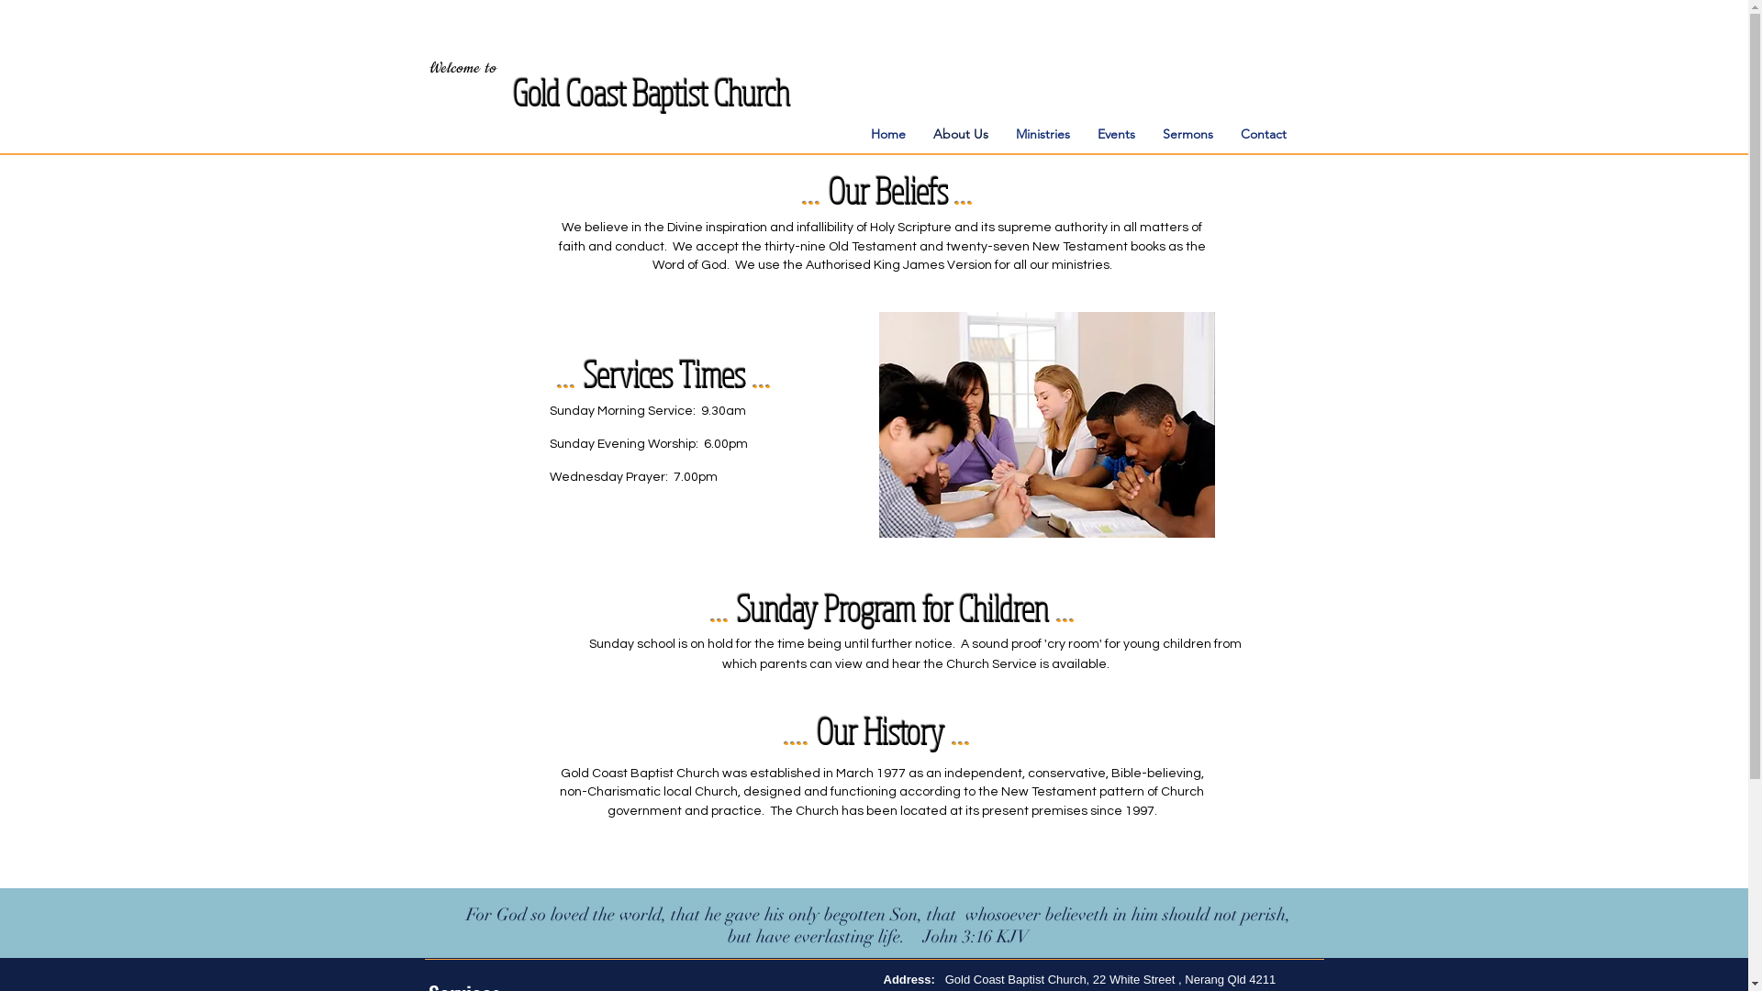 This screenshot has height=991, width=1762. I want to click on 'Sermons', so click(1148, 133).